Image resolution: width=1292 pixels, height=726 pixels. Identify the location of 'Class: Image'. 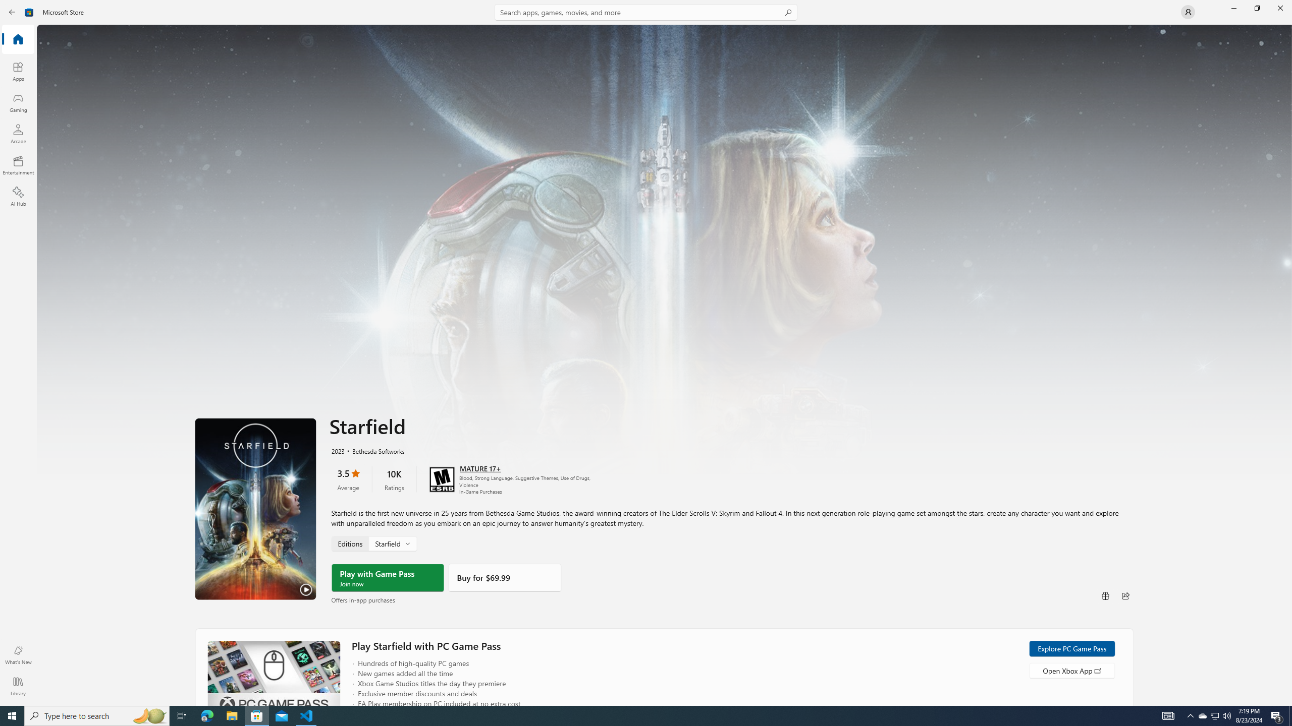
(29, 11).